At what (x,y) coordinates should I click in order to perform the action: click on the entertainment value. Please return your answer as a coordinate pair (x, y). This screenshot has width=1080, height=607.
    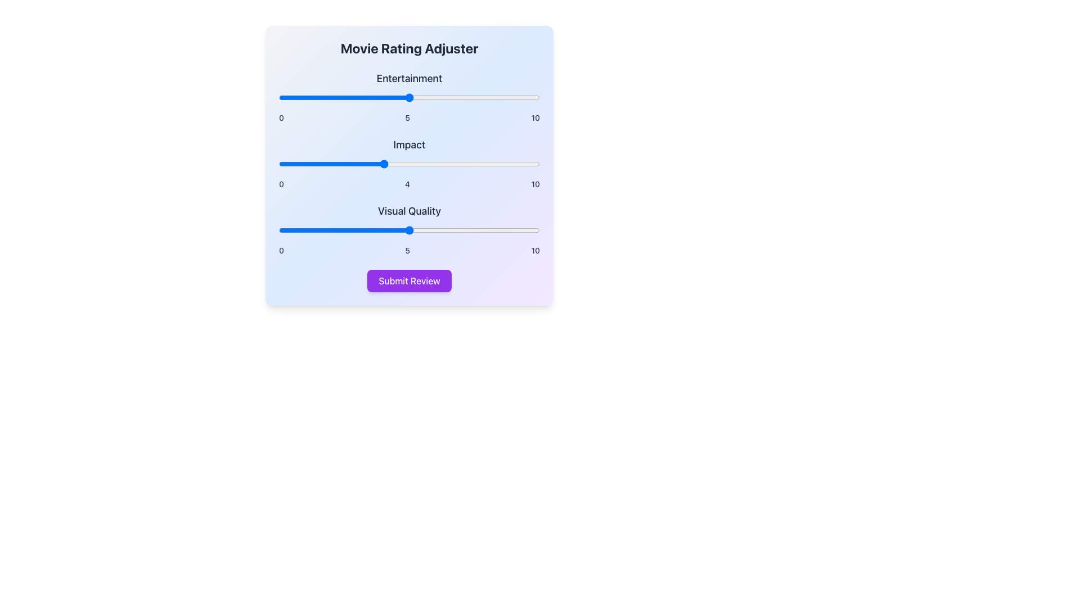
    Looking at the image, I should click on (305, 97).